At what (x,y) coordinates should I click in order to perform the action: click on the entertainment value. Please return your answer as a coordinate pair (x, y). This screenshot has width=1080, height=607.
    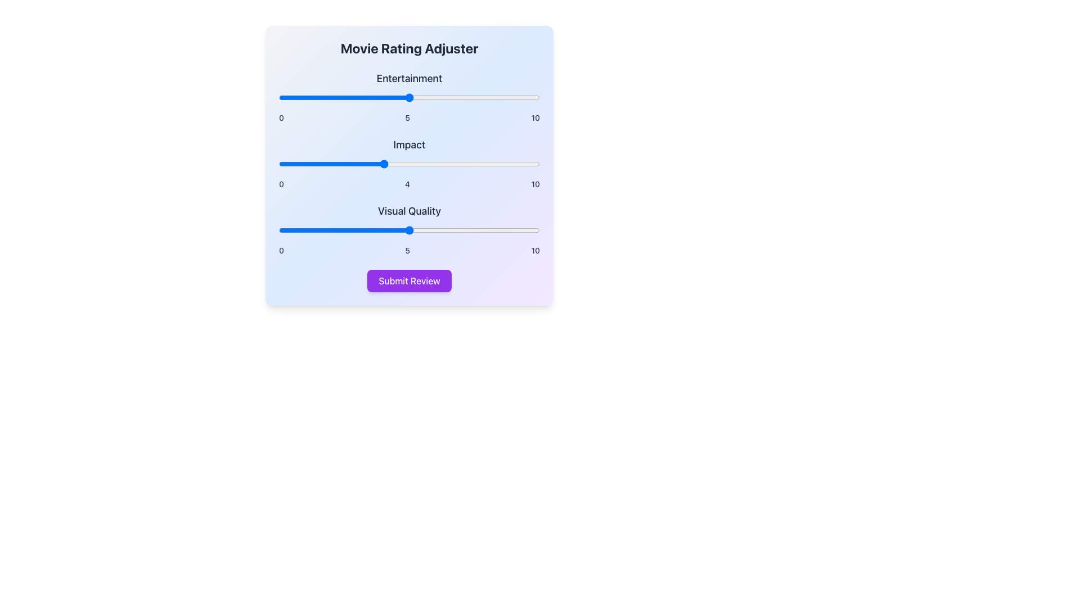
    Looking at the image, I should click on (305, 97).